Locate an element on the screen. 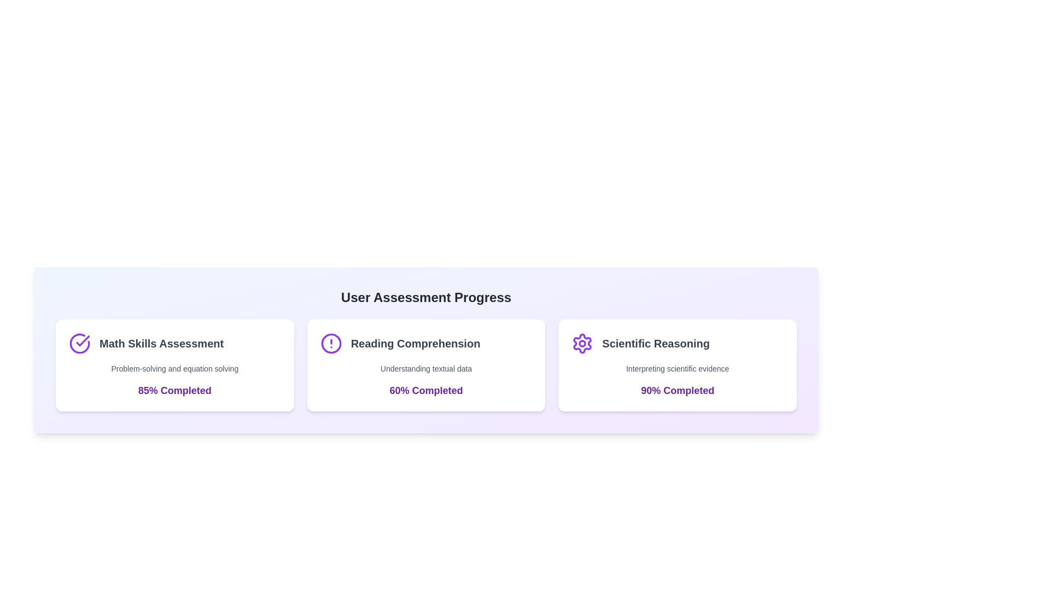  the progress indicator icon located inside the circle at the top-left corner of the Math Skills Assessment card in the User Assessment Progress section is located at coordinates (82, 340).